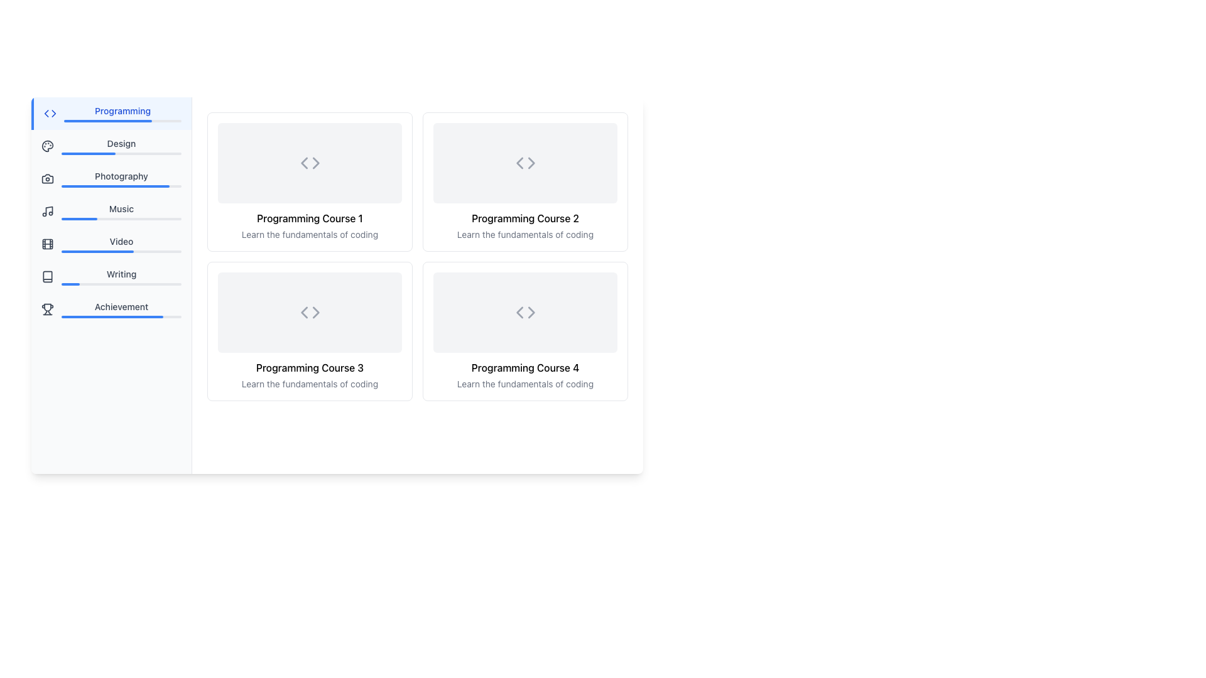 The image size is (1206, 678). Describe the element at coordinates (111, 244) in the screenshot. I see `the 'Video' button located in the vertical sidebar menu, which is the fifth item below 'Music' and above 'Writing'` at that location.